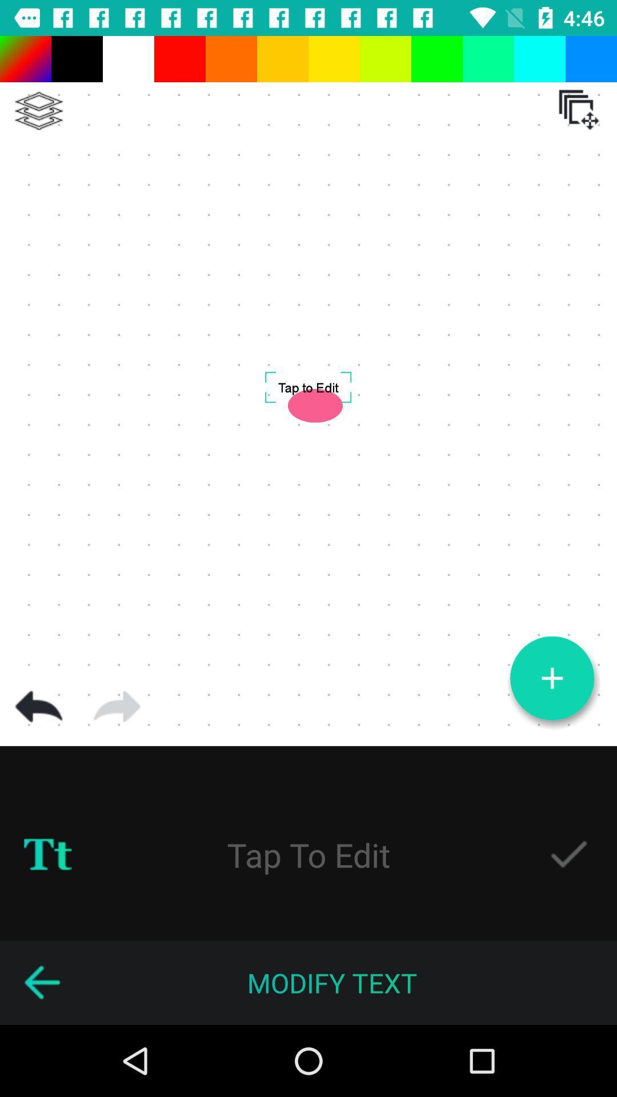 Image resolution: width=617 pixels, height=1097 pixels. Describe the element at coordinates (308, 854) in the screenshot. I see `edit text box` at that location.